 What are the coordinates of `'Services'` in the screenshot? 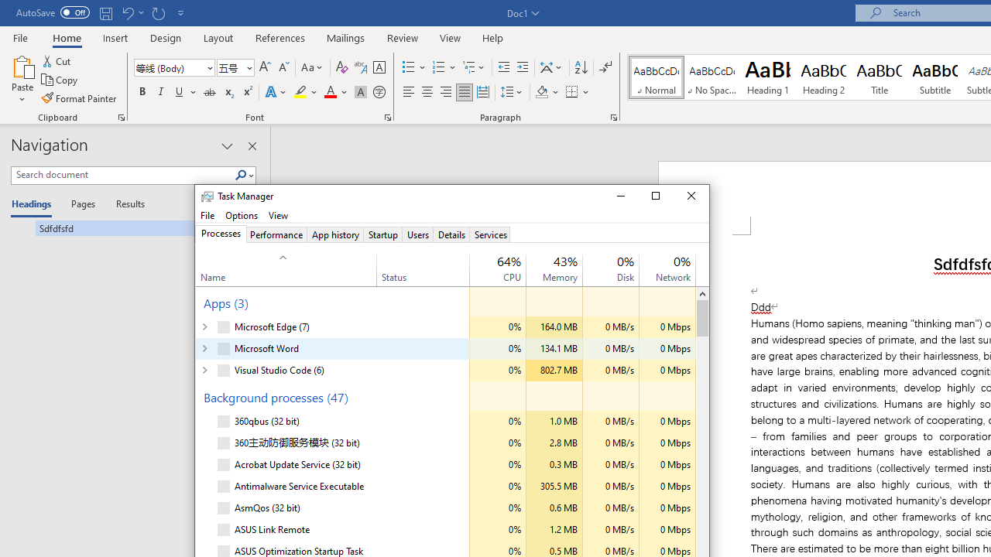 It's located at (489, 234).